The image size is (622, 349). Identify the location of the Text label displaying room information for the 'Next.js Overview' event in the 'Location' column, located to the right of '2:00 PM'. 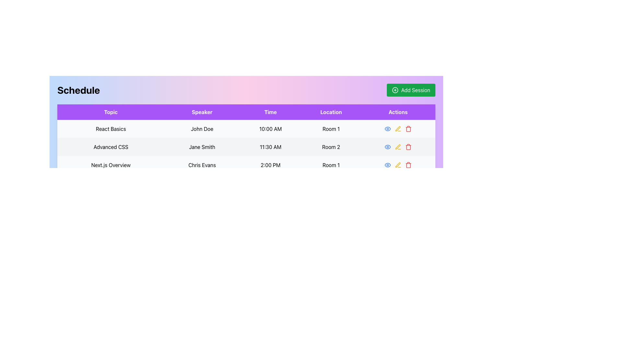
(331, 164).